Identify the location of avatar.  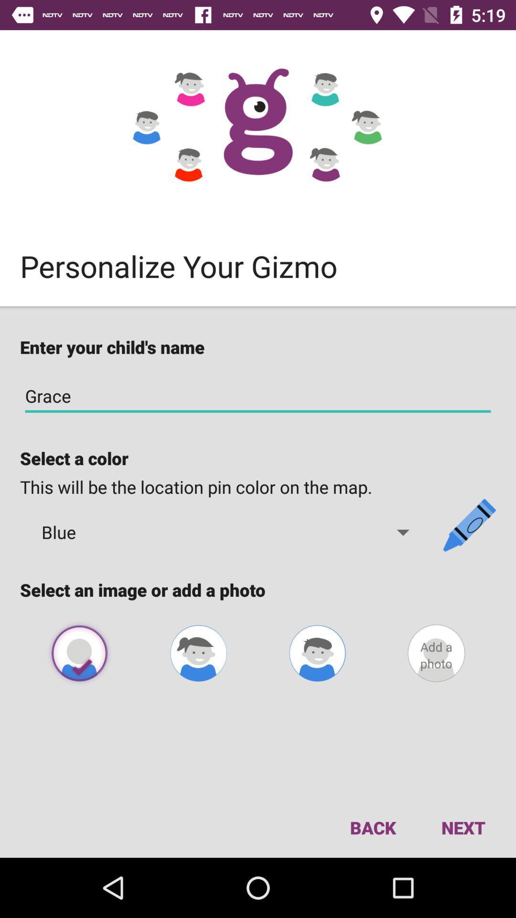
(317, 653).